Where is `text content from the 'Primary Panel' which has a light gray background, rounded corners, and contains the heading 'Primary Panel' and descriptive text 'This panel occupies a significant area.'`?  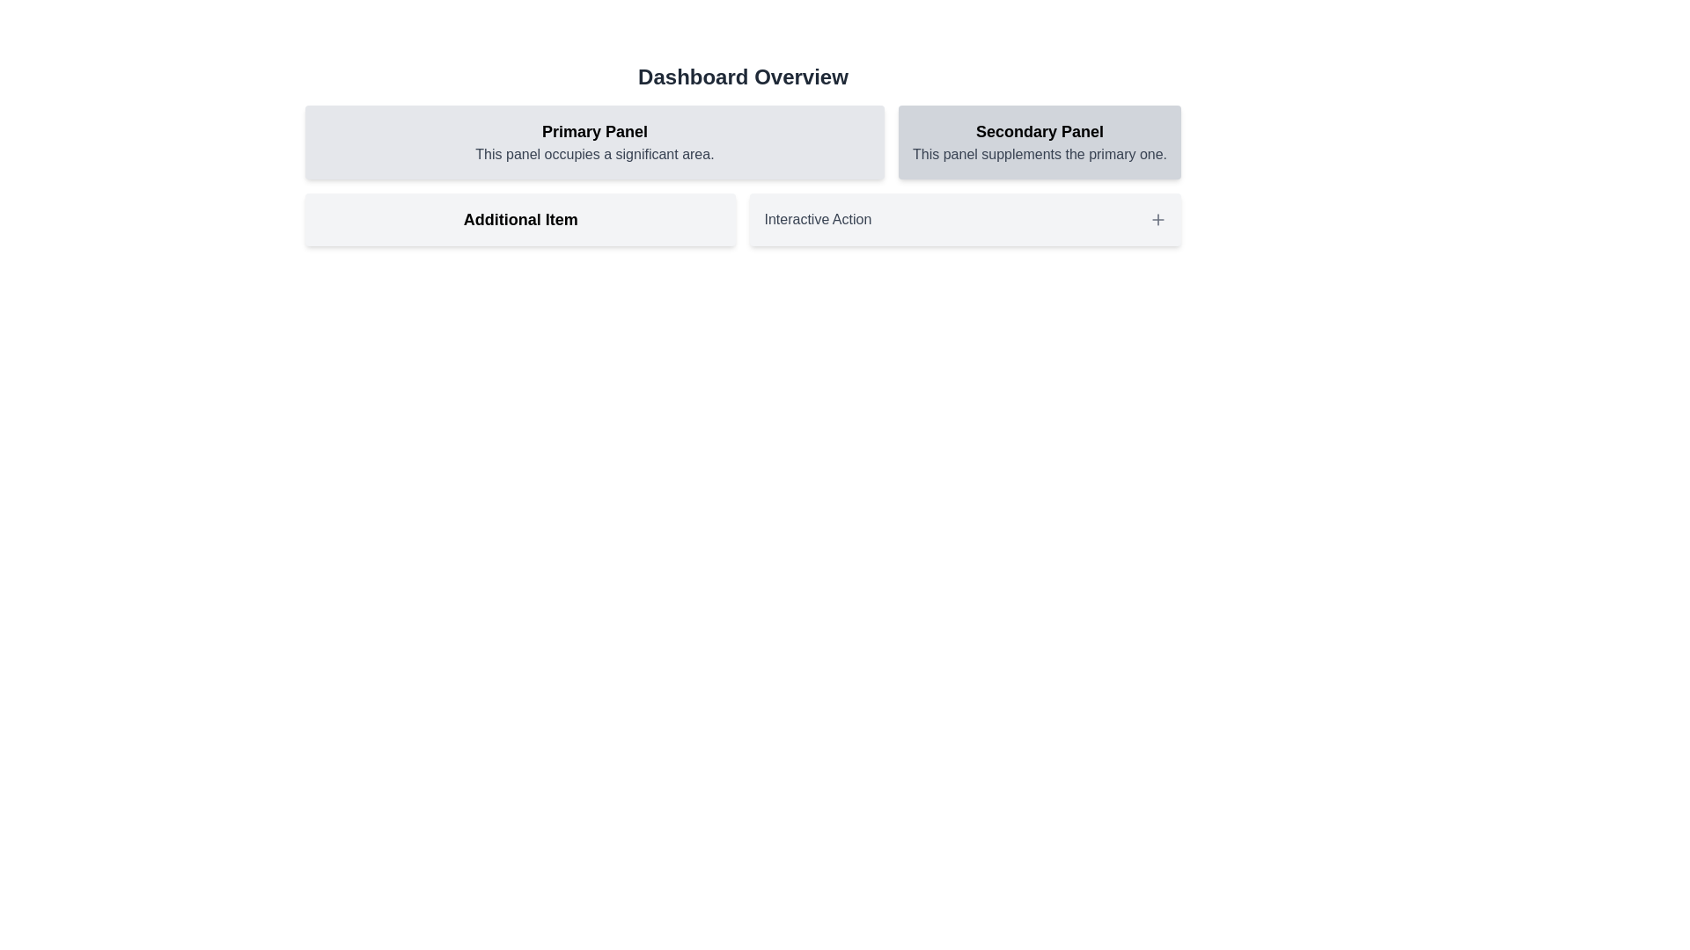
text content from the 'Primary Panel' which has a light gray background, rounded corners, and contains the heading 'Primary Panel' and descriptive text 'This panel occupies a significant area.' is located at coordinates (595, 142).